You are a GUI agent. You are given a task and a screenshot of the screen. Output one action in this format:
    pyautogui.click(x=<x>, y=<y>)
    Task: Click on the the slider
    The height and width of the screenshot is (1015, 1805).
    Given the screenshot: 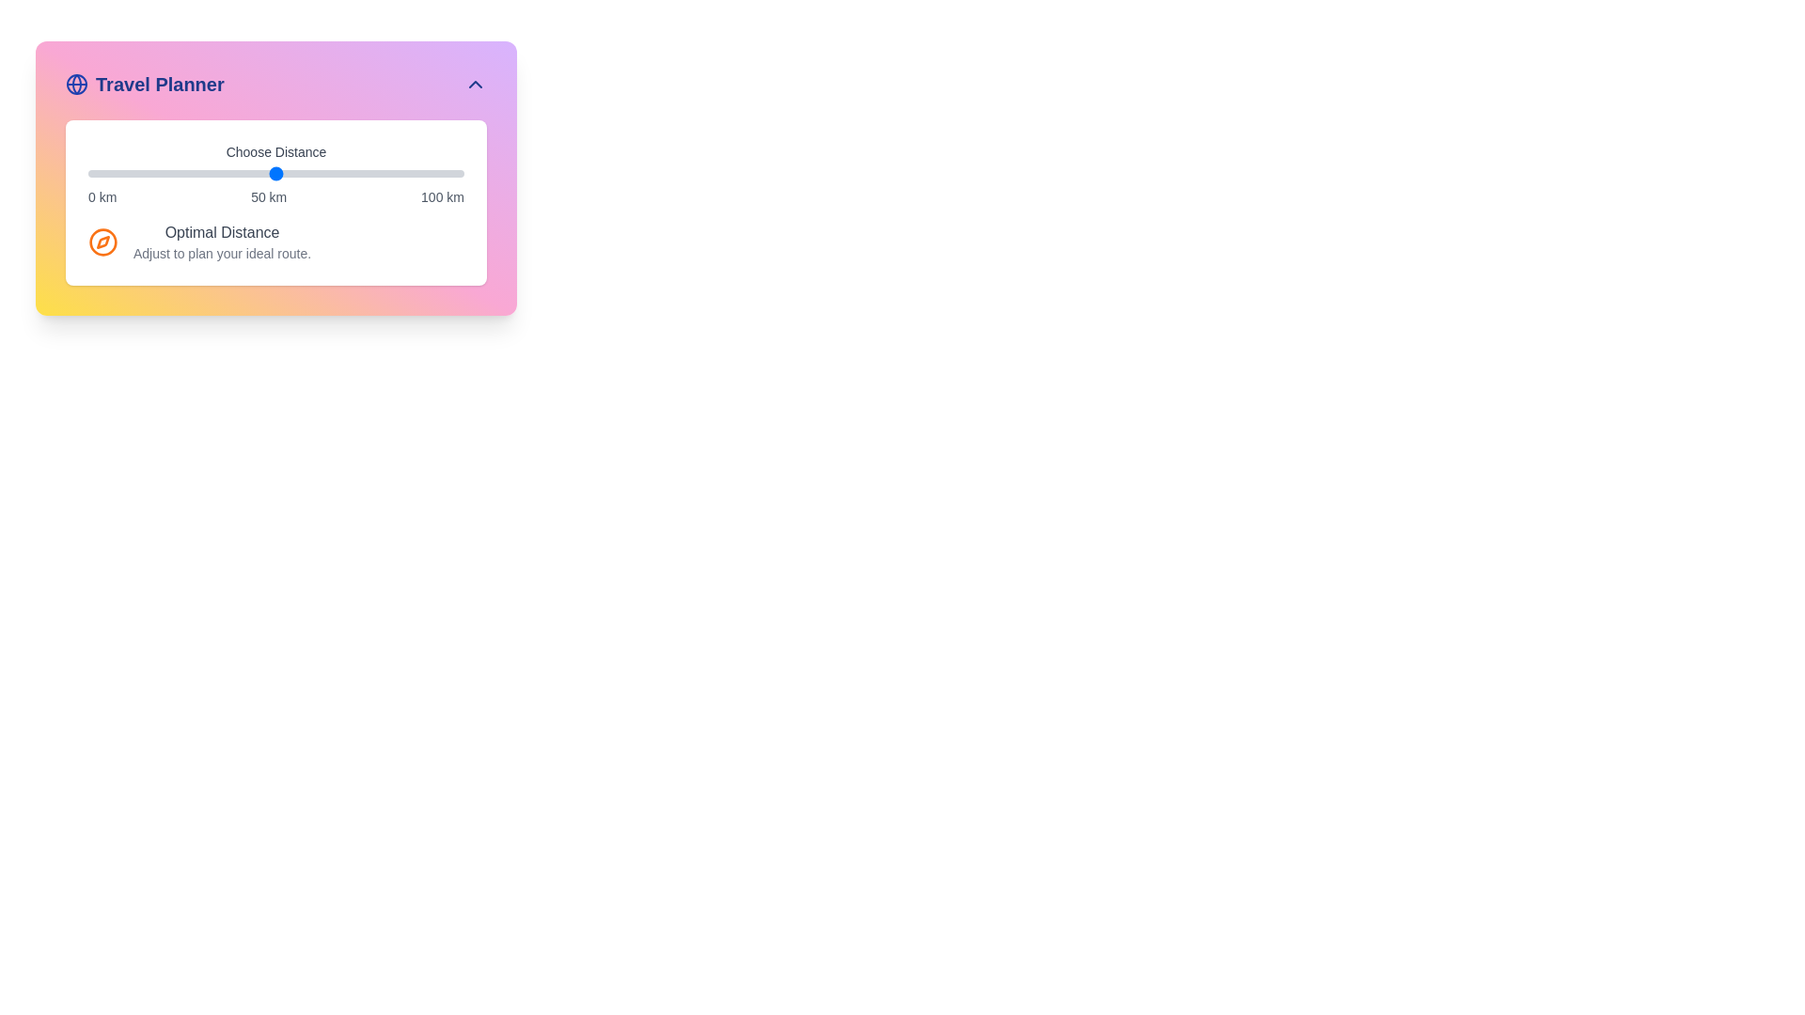 What is the action you would take?
    pyautogui.click(x=410, y=174)
    